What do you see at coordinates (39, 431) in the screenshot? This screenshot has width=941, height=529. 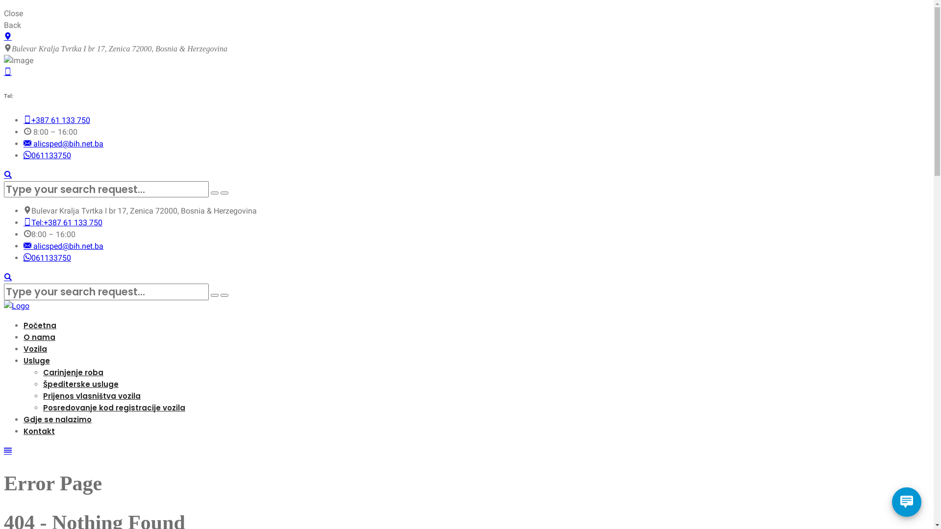 I see `'Kontakt'` at bounding box center [39, 431].